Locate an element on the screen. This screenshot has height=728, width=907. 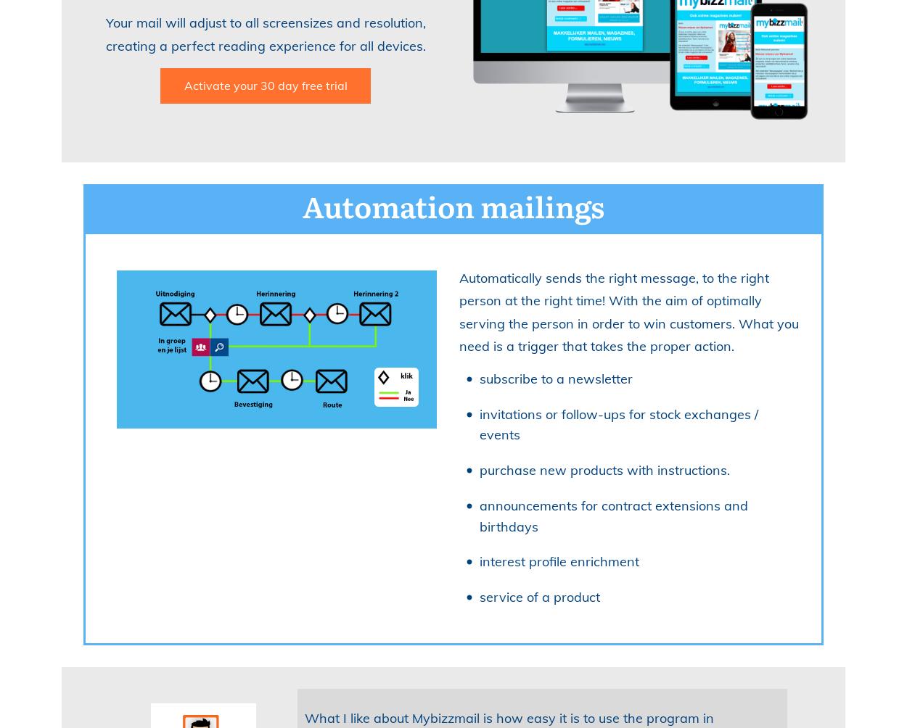
'Automatically sends the right message, to the right person at the right time! With the aim of optimally serving the person in order to win customers. What you need is a trigger that takes the proper action.' is located at coordinates (628, 311).